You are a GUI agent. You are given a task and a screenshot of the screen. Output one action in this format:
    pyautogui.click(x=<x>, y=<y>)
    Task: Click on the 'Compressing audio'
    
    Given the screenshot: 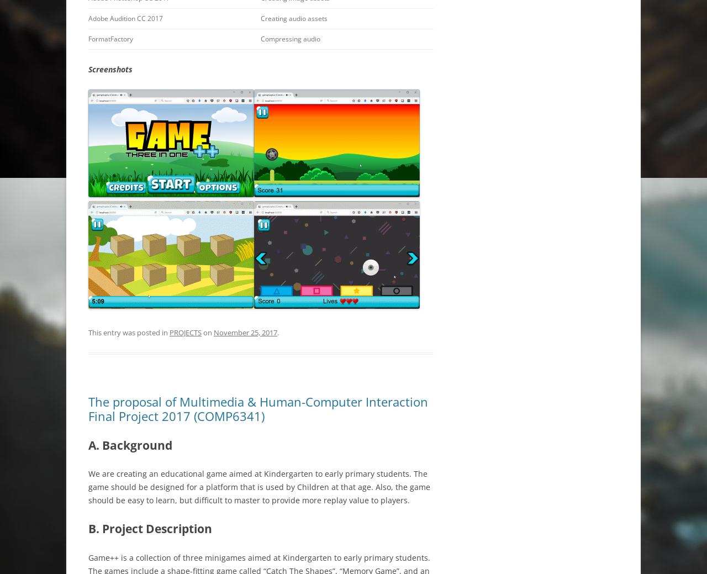 What is the action you would take?
    pyautogui.click(x=290, y=38)
    